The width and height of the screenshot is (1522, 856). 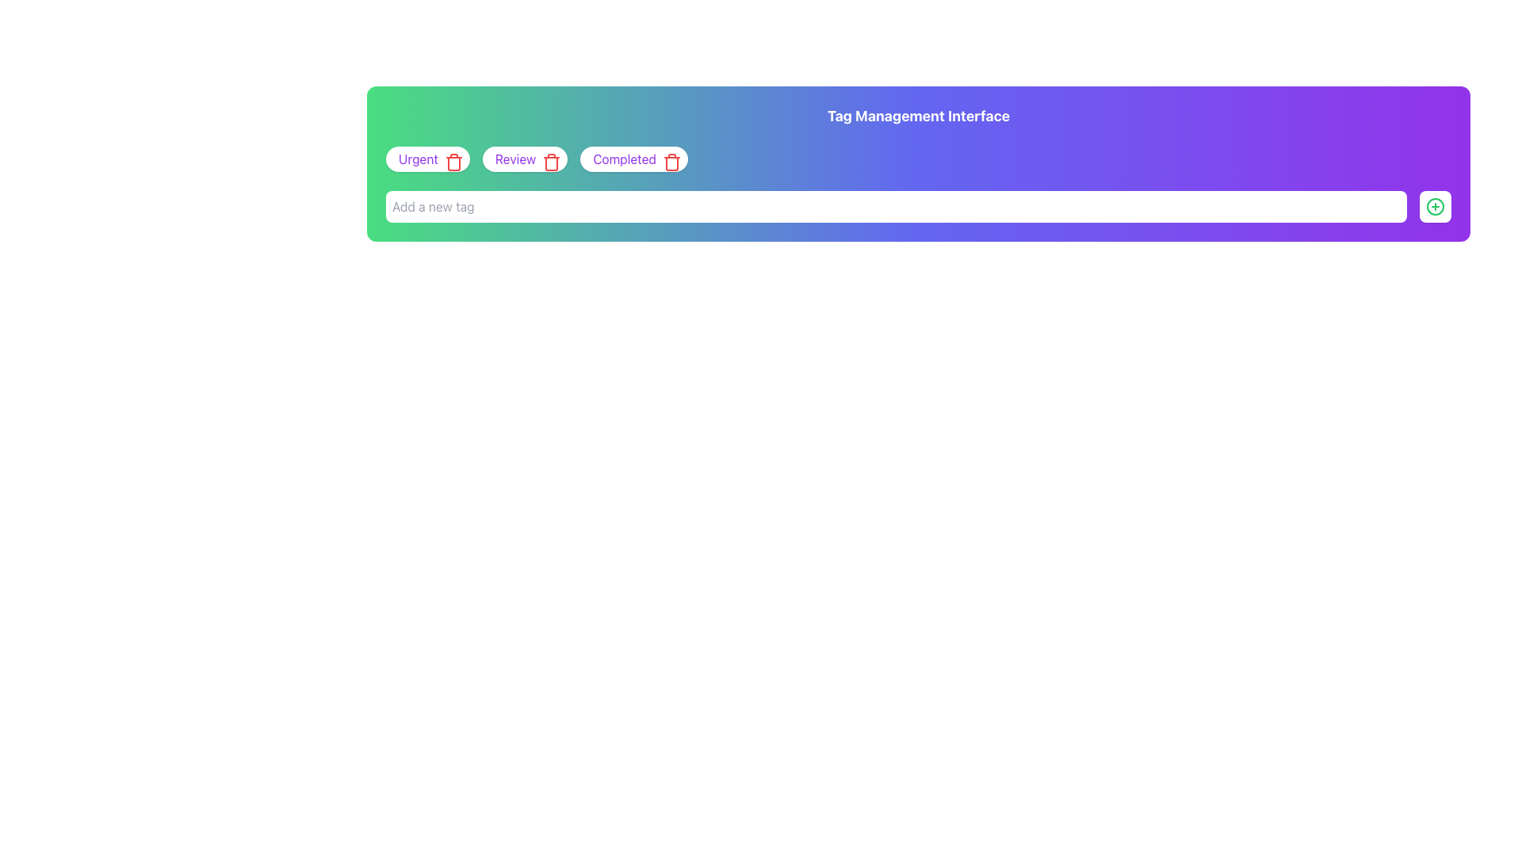 What do you see at coordinates (525, 159) in the screenshot?
I see `the rounded button labeled 'Review' with a trash can icon to potentially trigger hover effects or tooltips` at bounding box center [525, 159].